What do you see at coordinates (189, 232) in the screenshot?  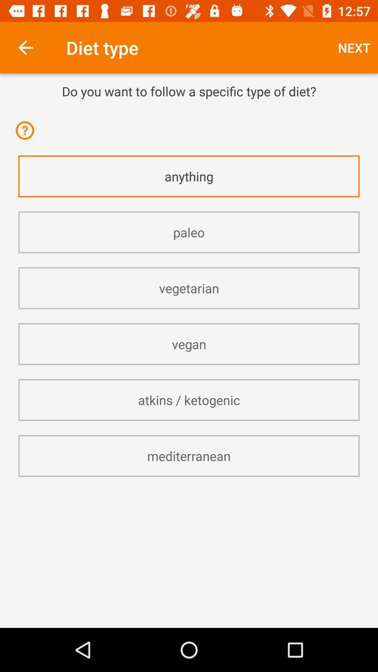 I see `item below the anything item` at bounding box center [189, 232].